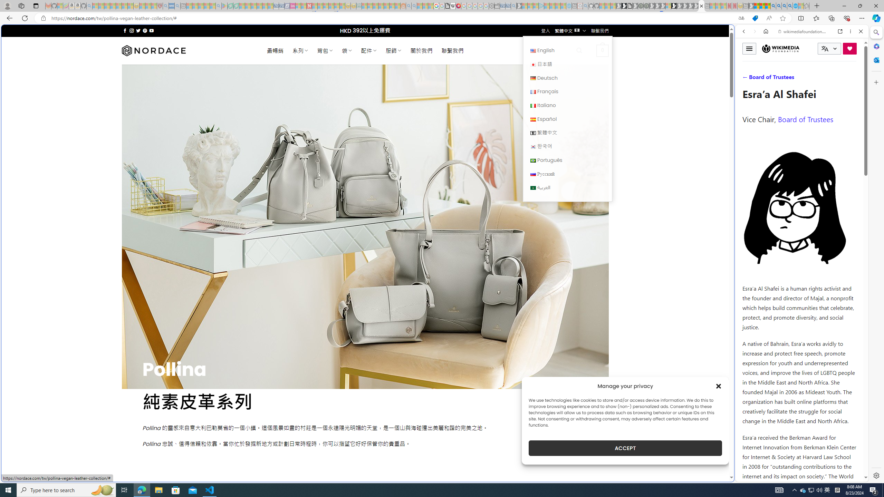 This screenshot has width=884, height=497. Describe the element at coordinates (781, 48) in the screenshot. I see `'Wikimedia Foundation'` at that location.